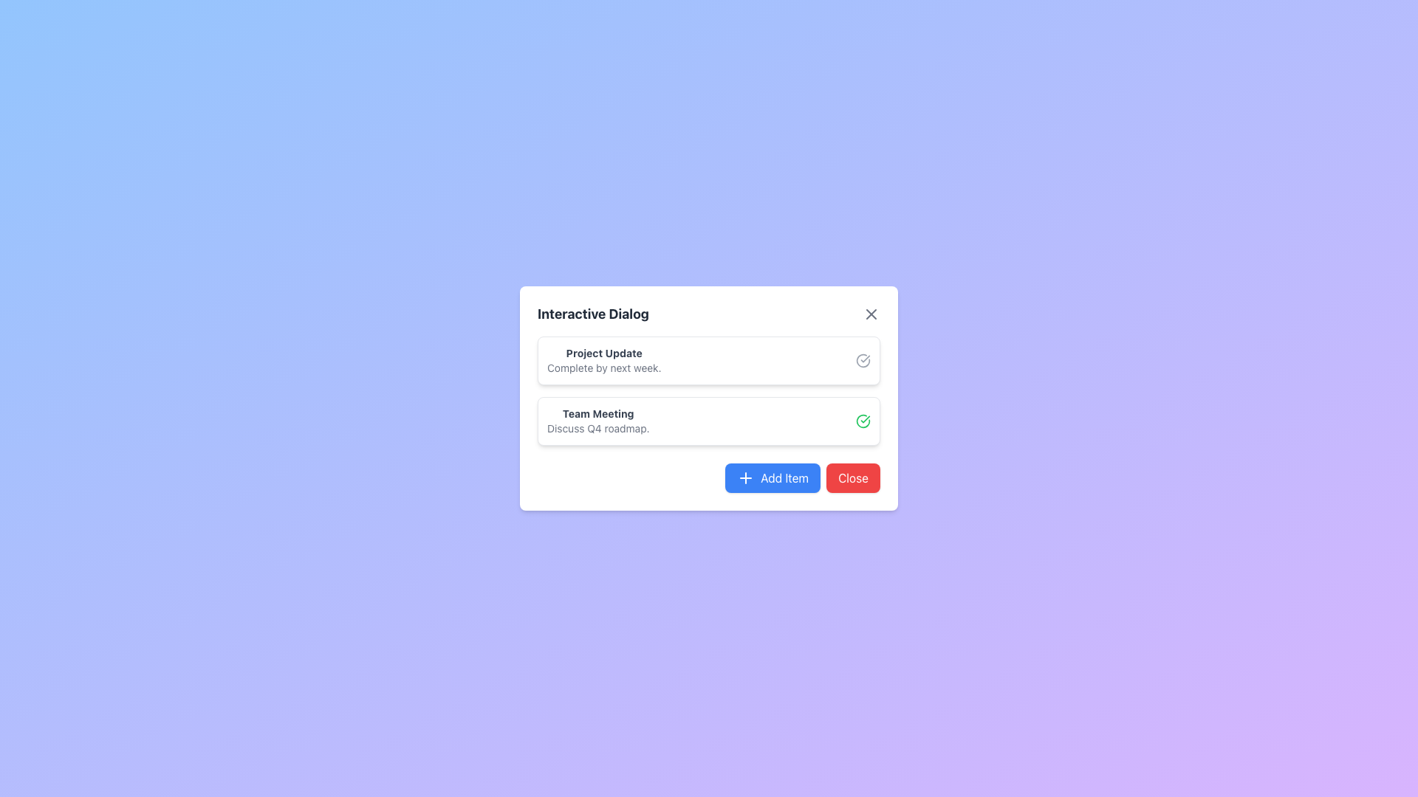 The width and height of the screenshot is (1418, 797). Describe the element at coordinates (598, 421) in the screenshot. I see `the Text display element that contains the text 'Team Meeting' and 'Discuss Q4 roadmap', located in the central dialog box, specifically in the second item position within the vertically stacked list of elements` at that location.